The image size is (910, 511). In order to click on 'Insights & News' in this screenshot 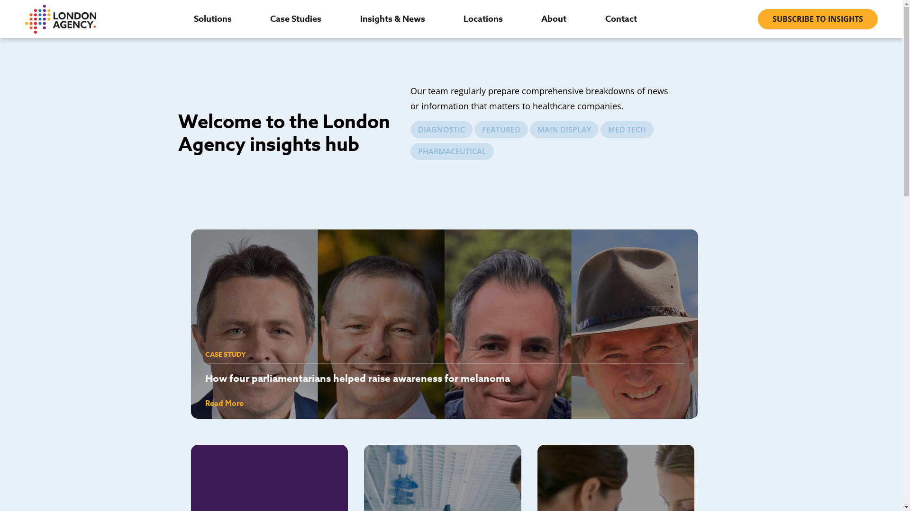, I will do `click(359, 18)`.